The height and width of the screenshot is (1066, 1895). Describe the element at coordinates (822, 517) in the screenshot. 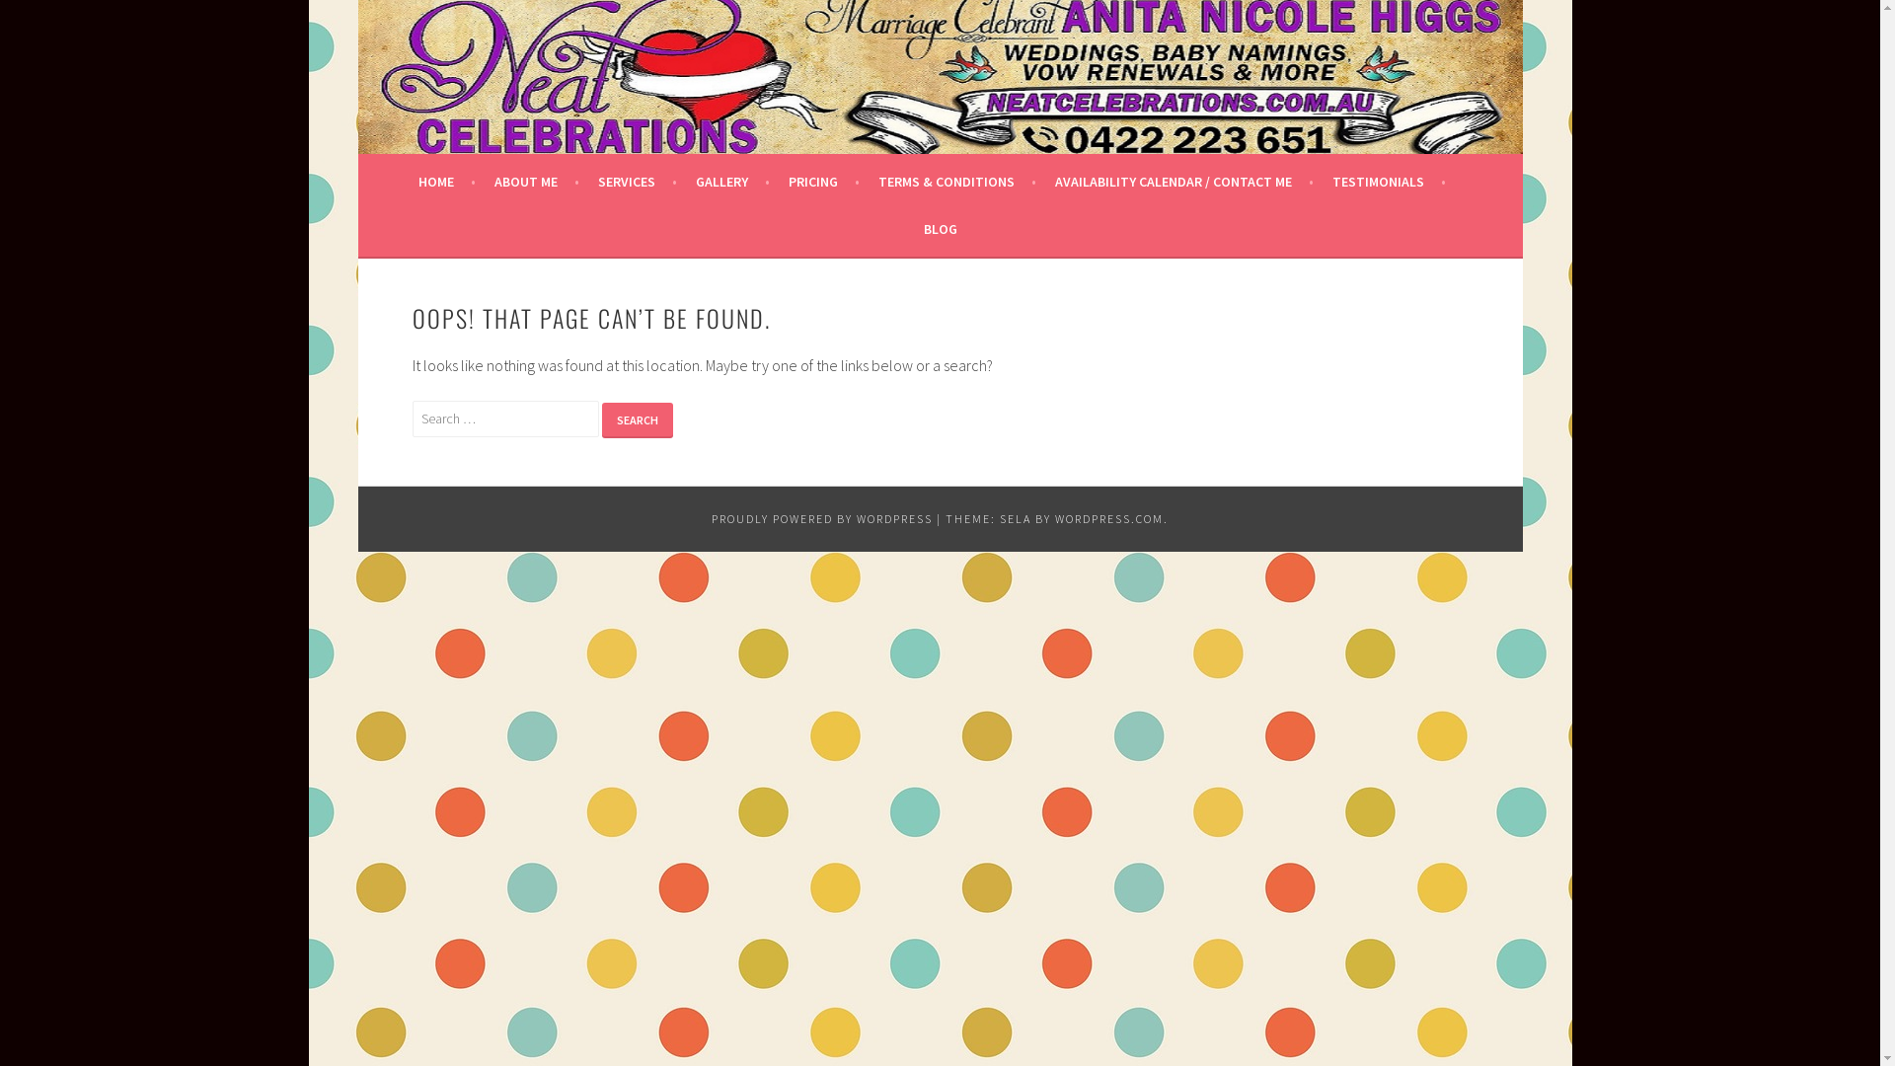

I see `'PROUDLY POWERED BY WORDPRESS'` at that location.